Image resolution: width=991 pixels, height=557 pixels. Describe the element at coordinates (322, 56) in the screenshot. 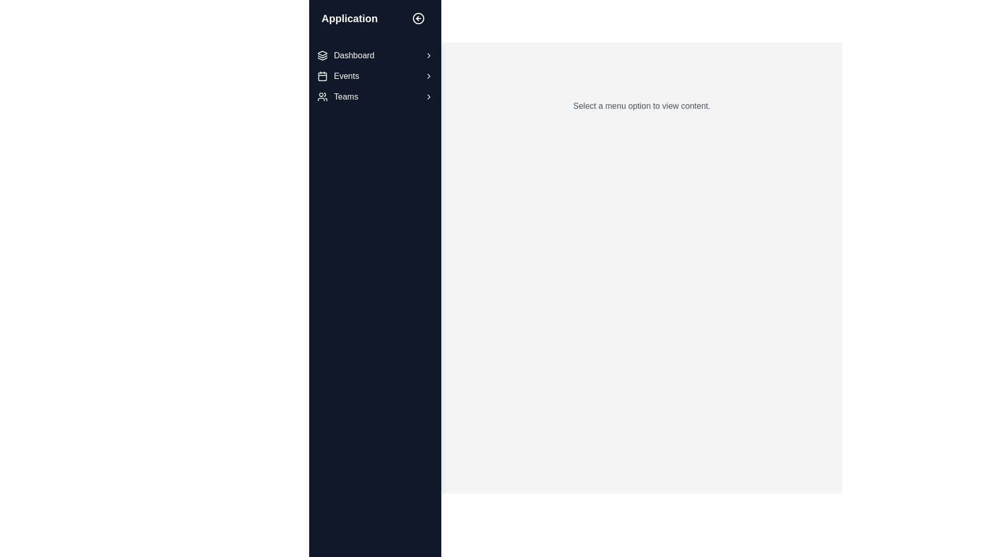

I see `the icon resembling stacked layers, which is part of the menu item adjacent to the 'Dashboard' text` at that location.